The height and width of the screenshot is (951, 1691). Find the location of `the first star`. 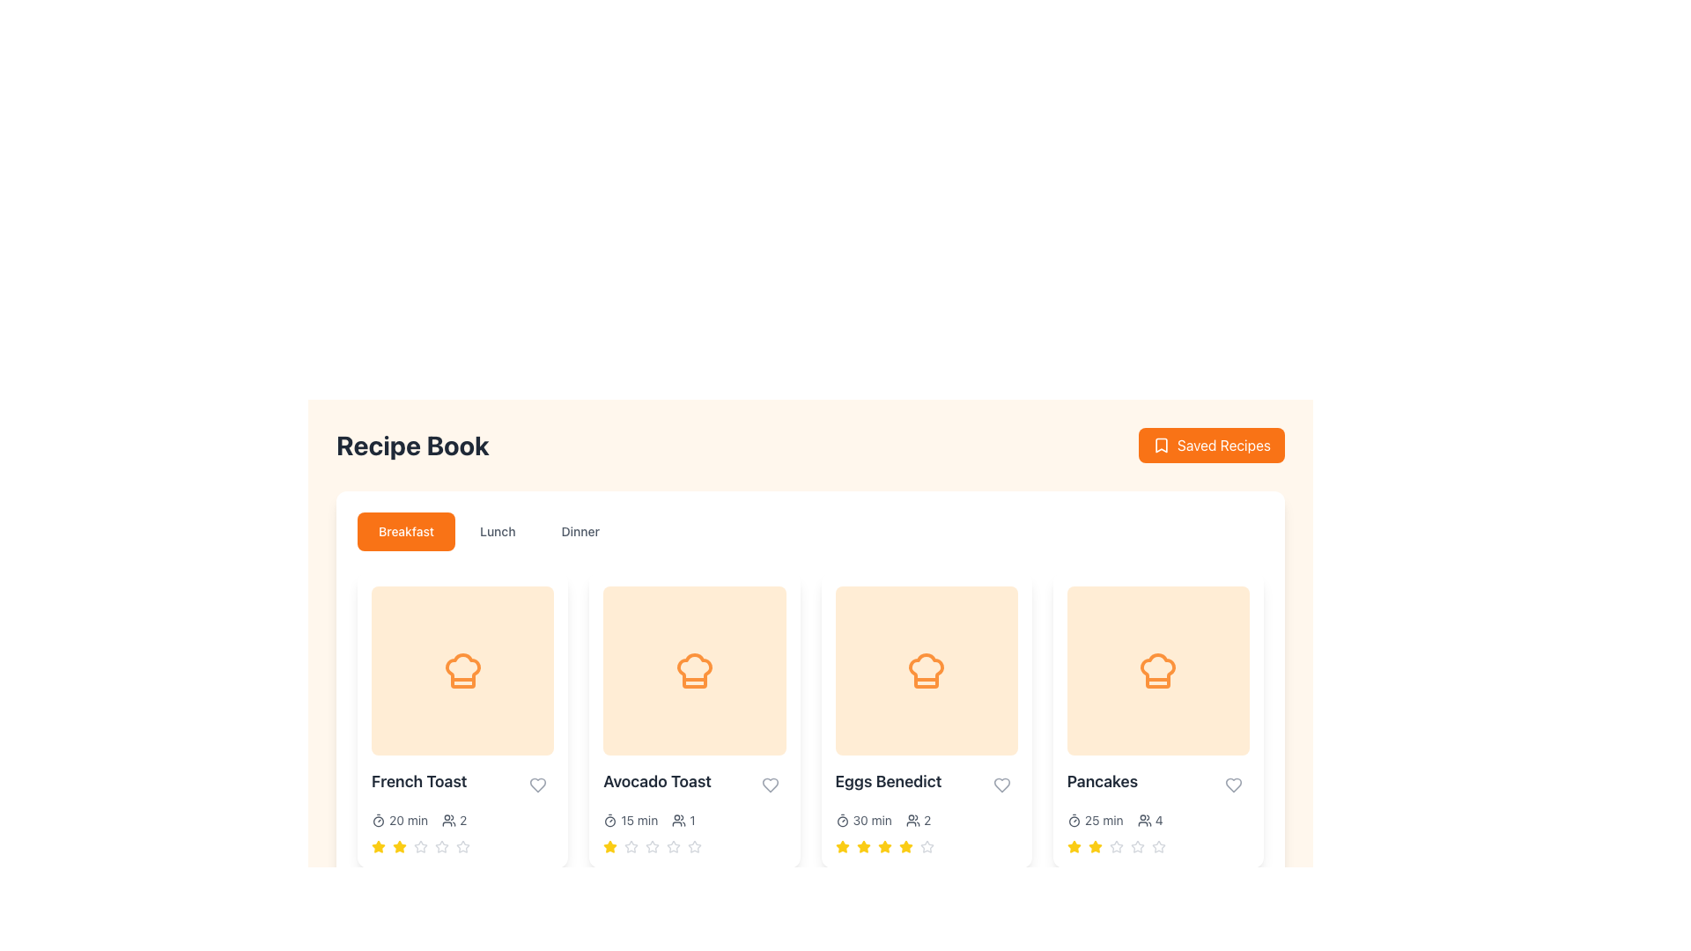

the first star is located at coordinates (841, 845).